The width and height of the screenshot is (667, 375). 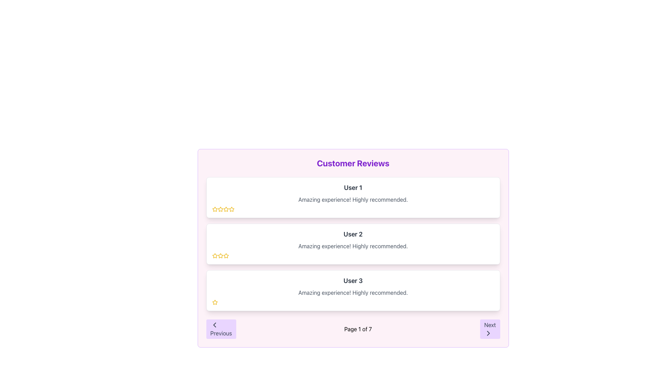 I want to click on the leftward-pointing Chevron icon within the 'Previous' button located at the bottom left corner of the navigation section, so click(x=214, y=325).